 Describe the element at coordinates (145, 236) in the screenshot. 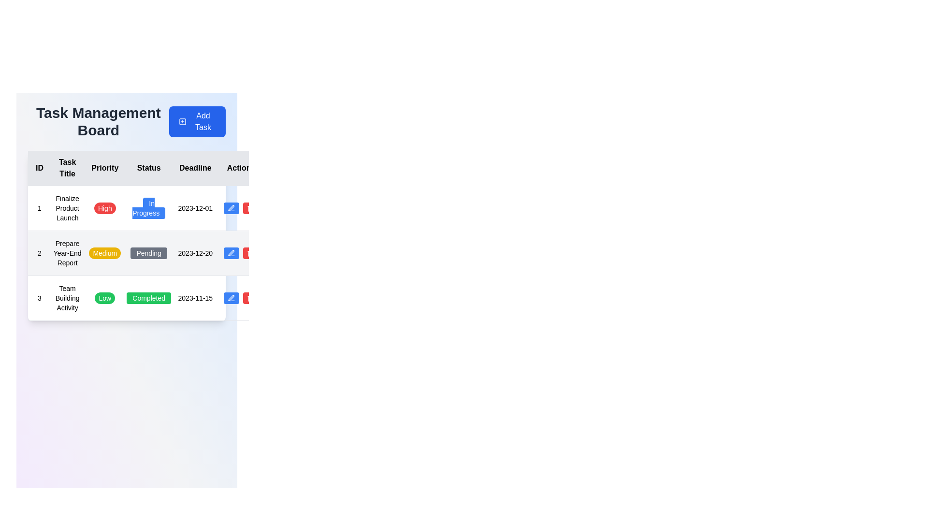

I see `a row in the task management table to inspect its details` at that location.